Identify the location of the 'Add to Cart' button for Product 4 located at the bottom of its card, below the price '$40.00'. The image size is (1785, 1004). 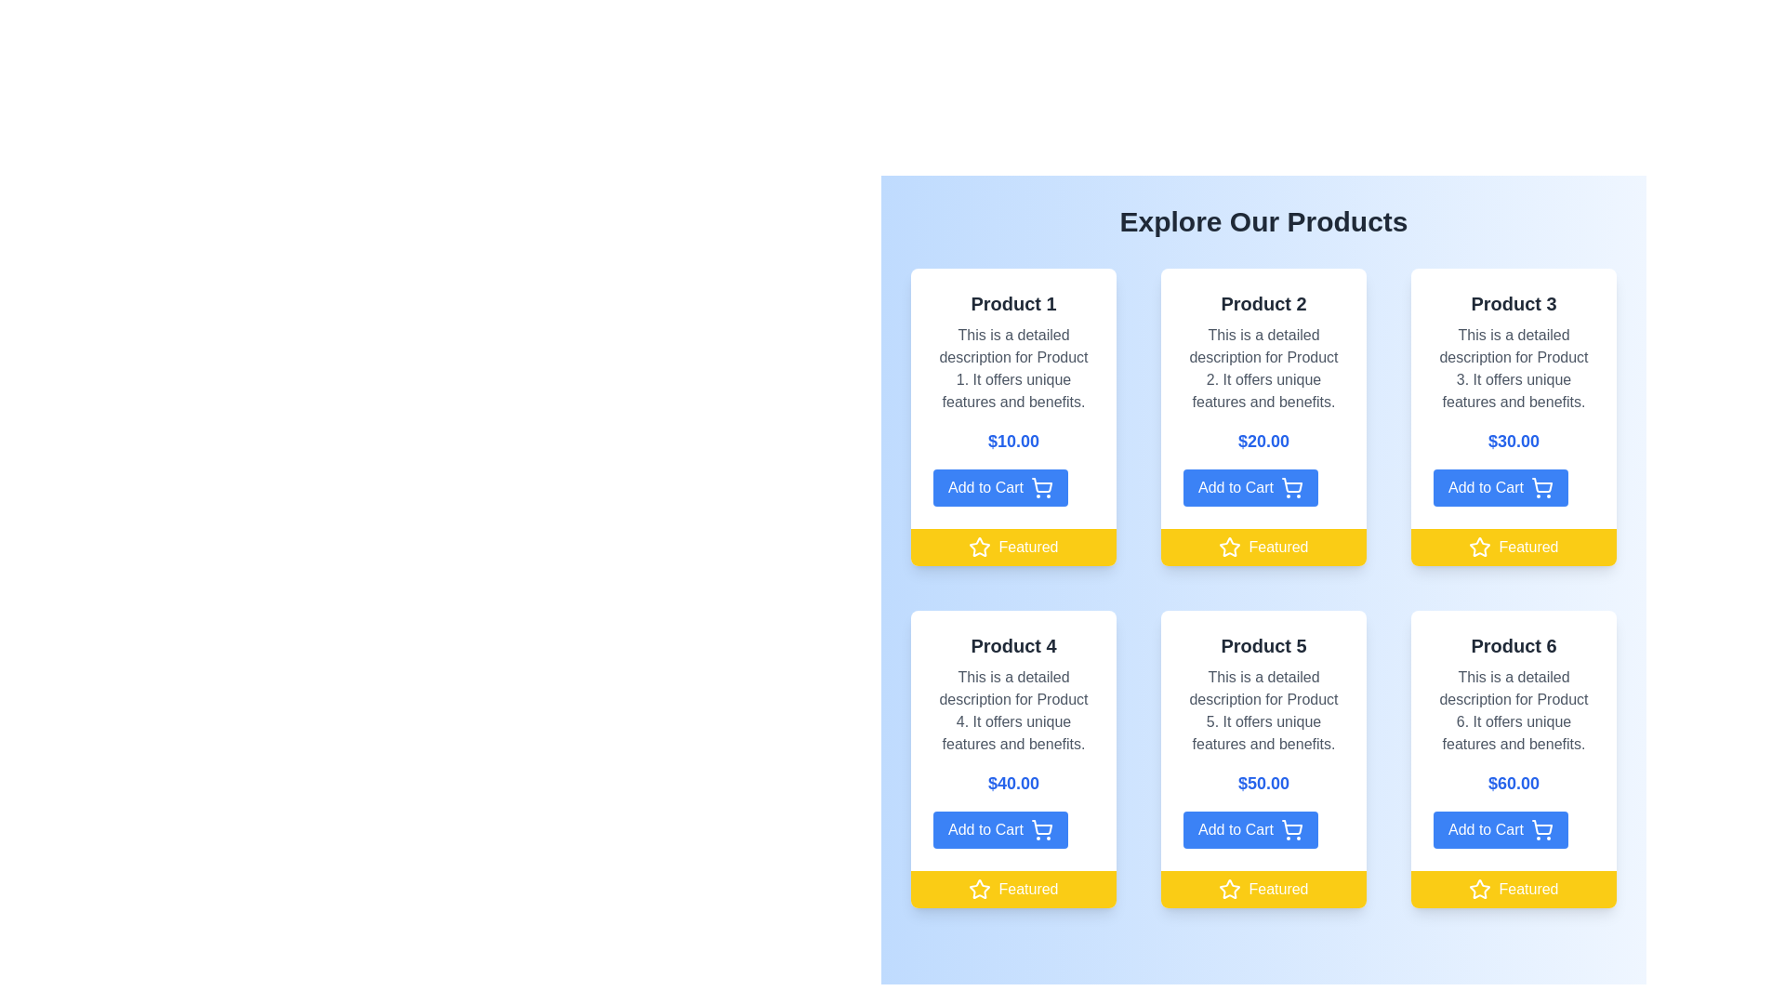
(999, 829).